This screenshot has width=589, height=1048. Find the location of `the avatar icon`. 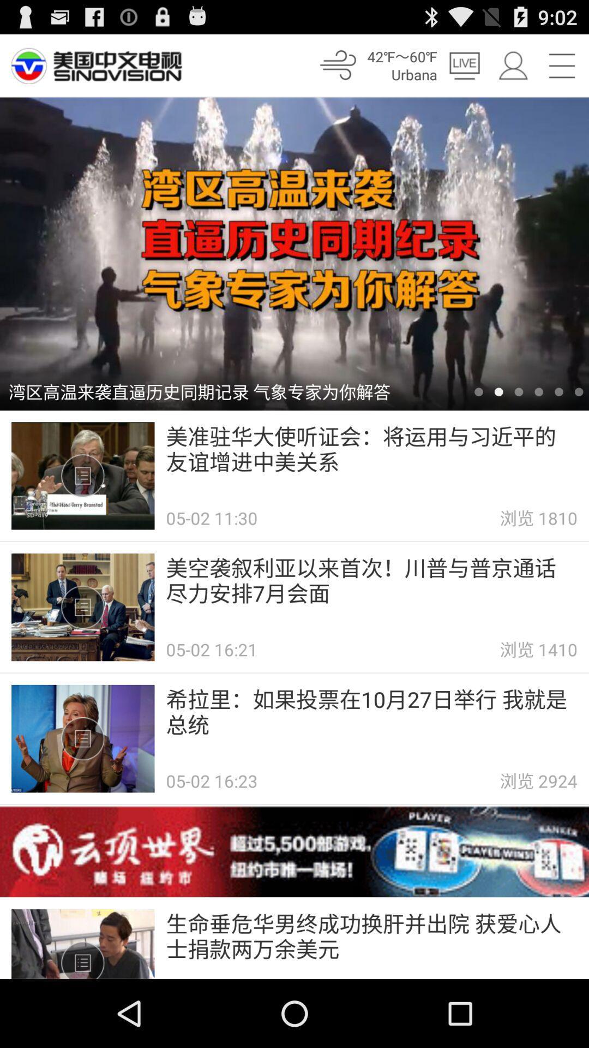

the avatar icon is located at coordinates (513, 70).